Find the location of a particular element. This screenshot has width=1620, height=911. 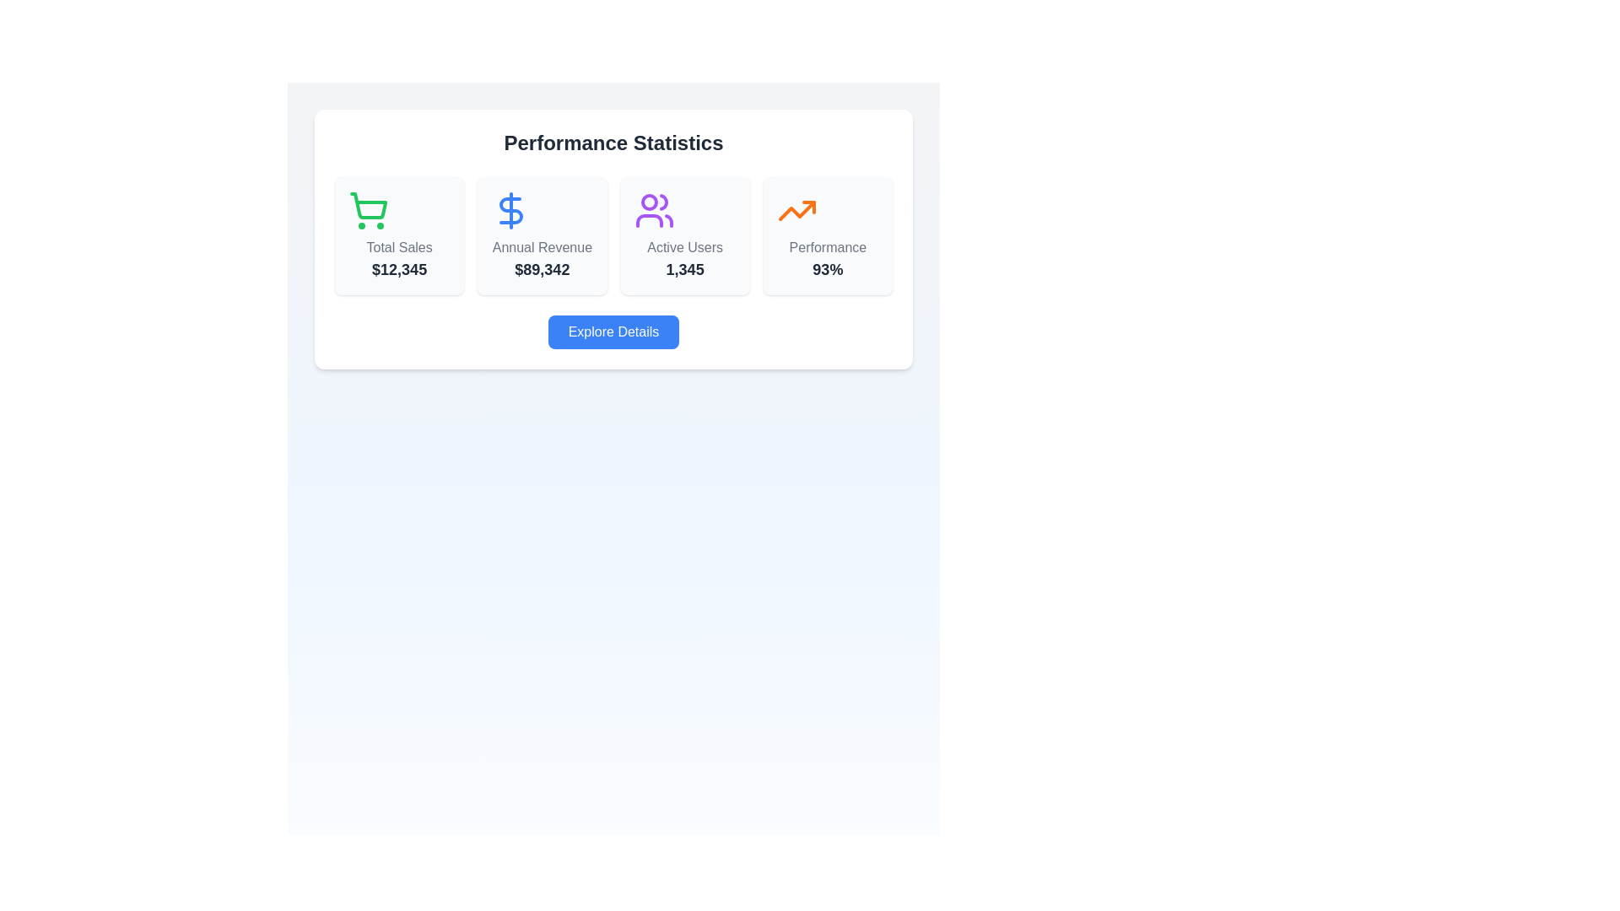

the static text element displaying the numeric count of active users, which is centrally located within the 'Active Users' card layout is located at coordinates (685, 269).